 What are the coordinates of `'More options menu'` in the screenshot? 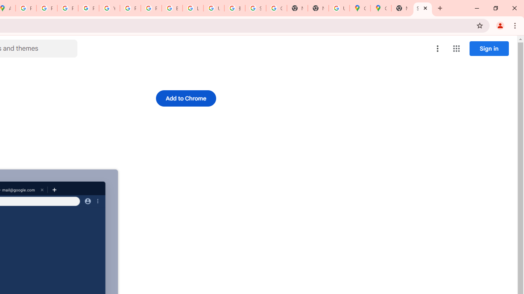 It's located at (437, 49).